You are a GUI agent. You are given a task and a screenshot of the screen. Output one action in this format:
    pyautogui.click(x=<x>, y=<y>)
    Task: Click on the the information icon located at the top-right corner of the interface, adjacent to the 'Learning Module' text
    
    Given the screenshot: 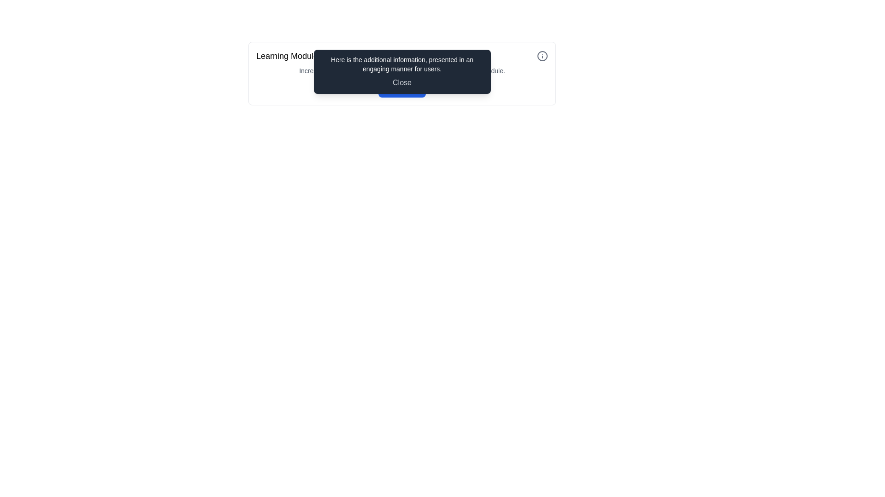 What is the action you would take?
    pyautogui.click(x=542, y=56)
    